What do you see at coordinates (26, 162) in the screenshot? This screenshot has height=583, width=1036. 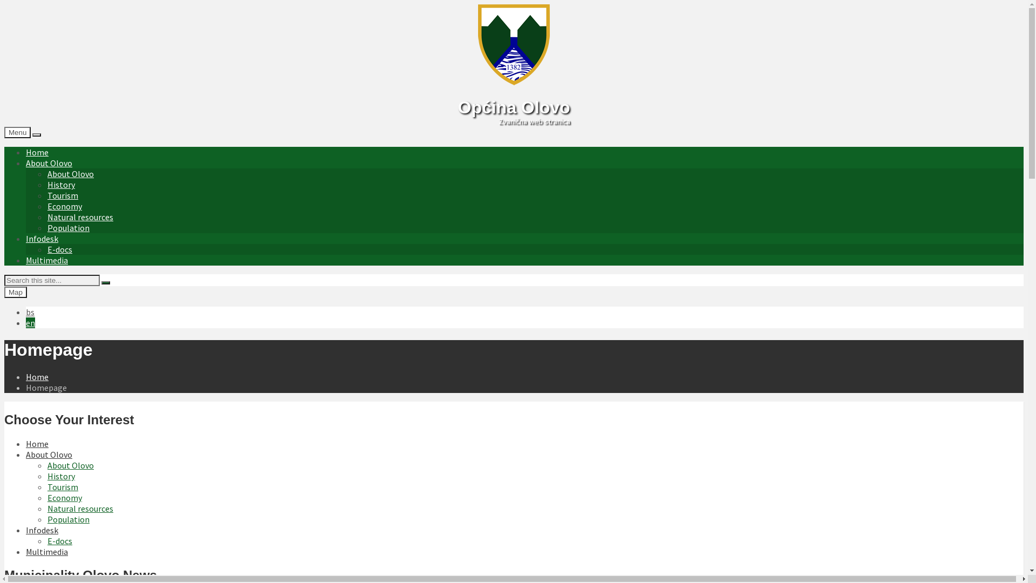 I see `'About Olovo'` at bounding box center [26, 162].